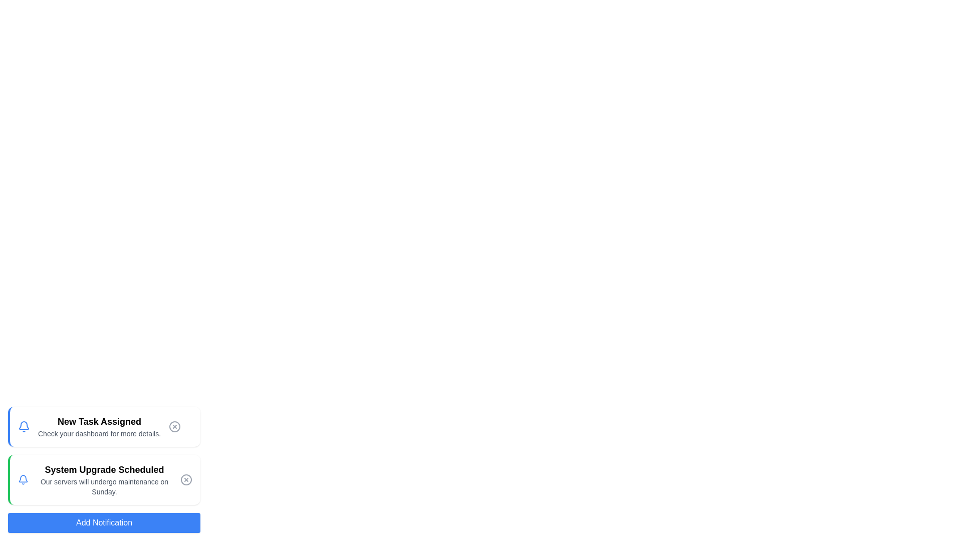  What do you see at coordinates (175, 427) in the screenshot?
I see `close button of the notification titled 'New Task Assigned' to remove it` at bounding box center [175, 427].